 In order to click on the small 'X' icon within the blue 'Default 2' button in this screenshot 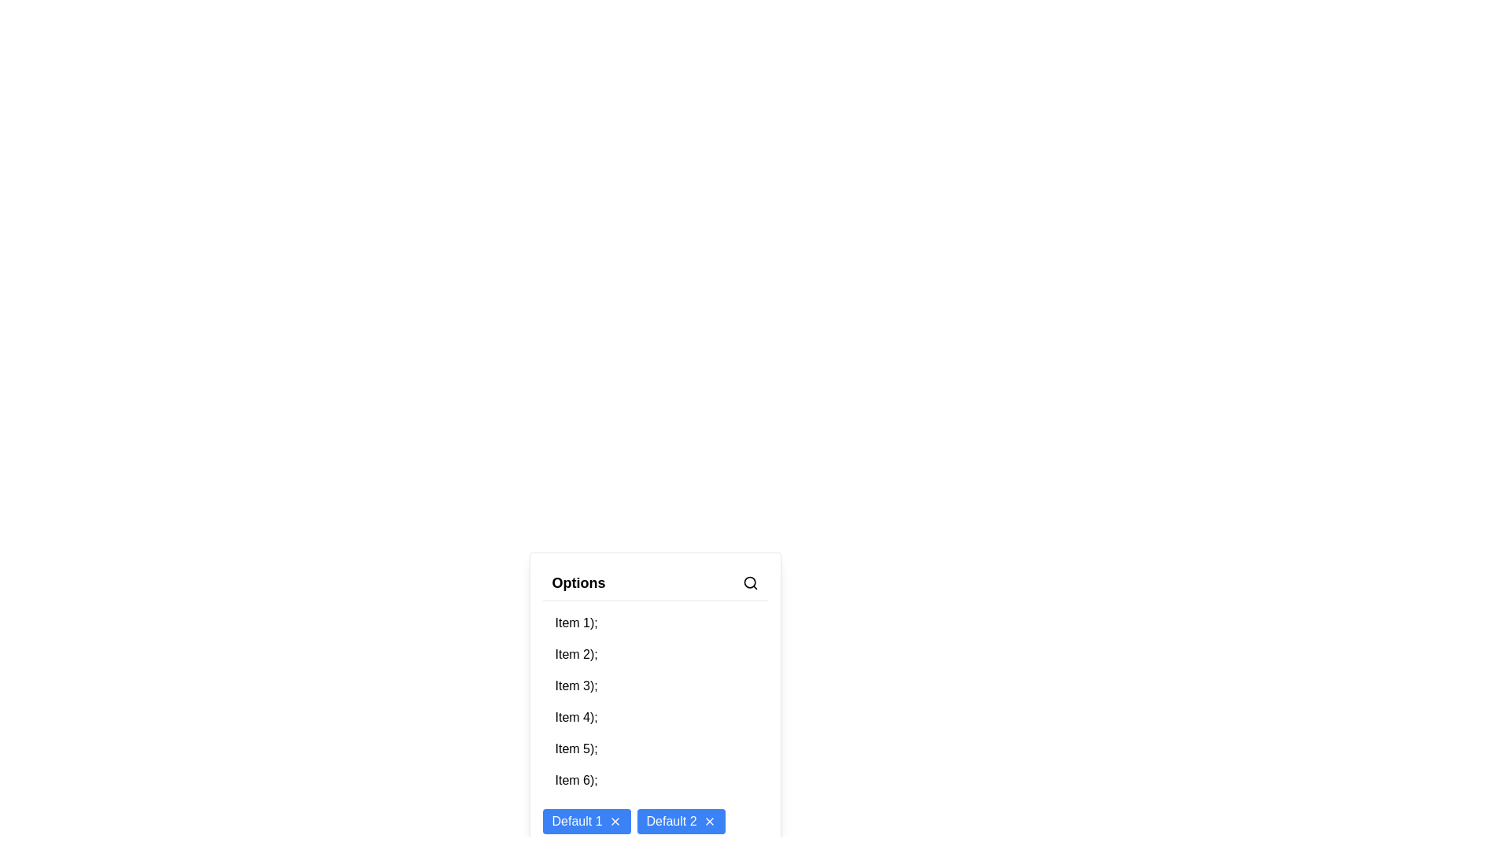, I will do `click(708, 821)`.